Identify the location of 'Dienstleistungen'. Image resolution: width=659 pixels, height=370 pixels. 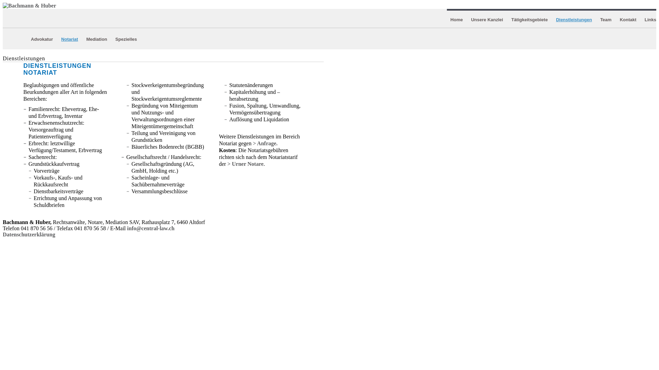
(574, 19).